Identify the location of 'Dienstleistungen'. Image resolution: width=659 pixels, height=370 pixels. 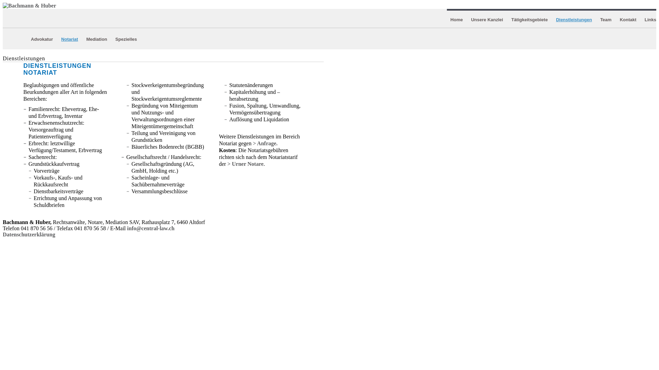
(574, 19).